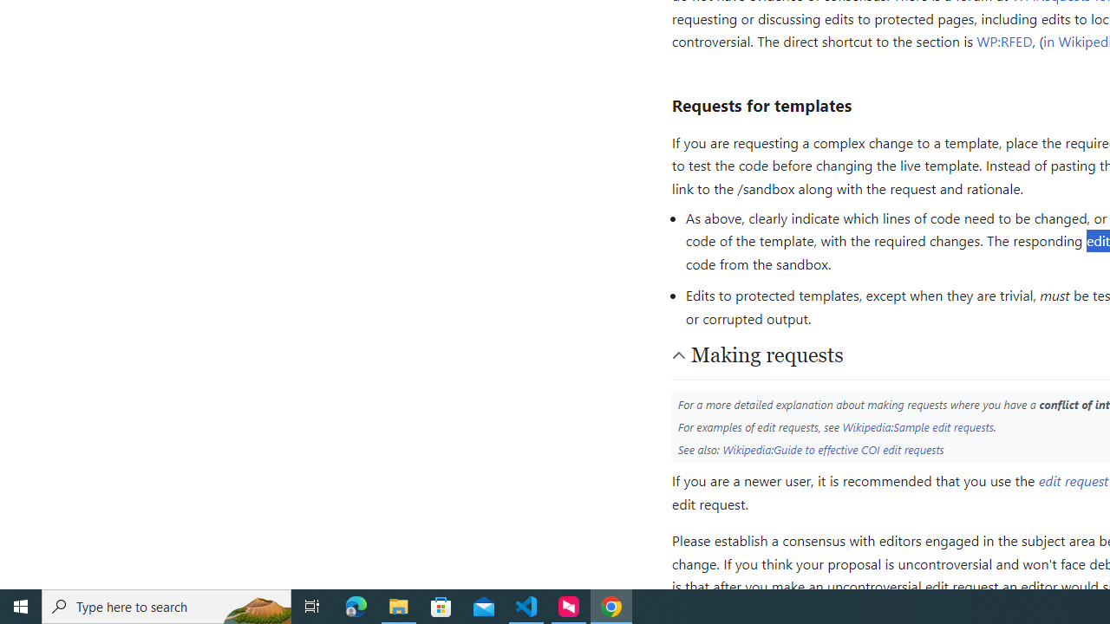 The height and width of the screenshot is (624, 1110). What do you see at coordinates (833, 448) in the screenshot?
I see `'Wikipedia:Guide to effective COI edit requests'` at bounding box center [833, 448].